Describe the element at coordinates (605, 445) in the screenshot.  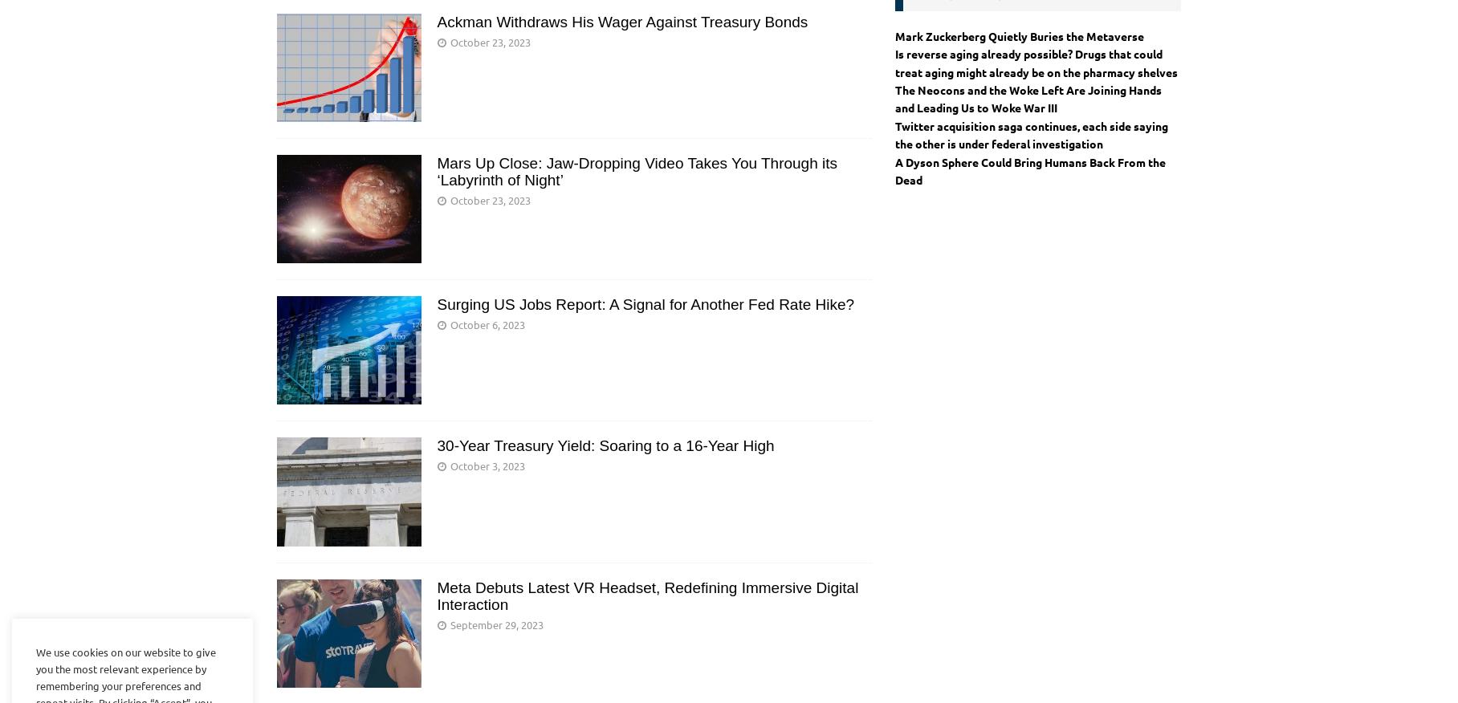
I see `'30-Year Treasury Yield: Soaring to a 16-Year High'` at that location.